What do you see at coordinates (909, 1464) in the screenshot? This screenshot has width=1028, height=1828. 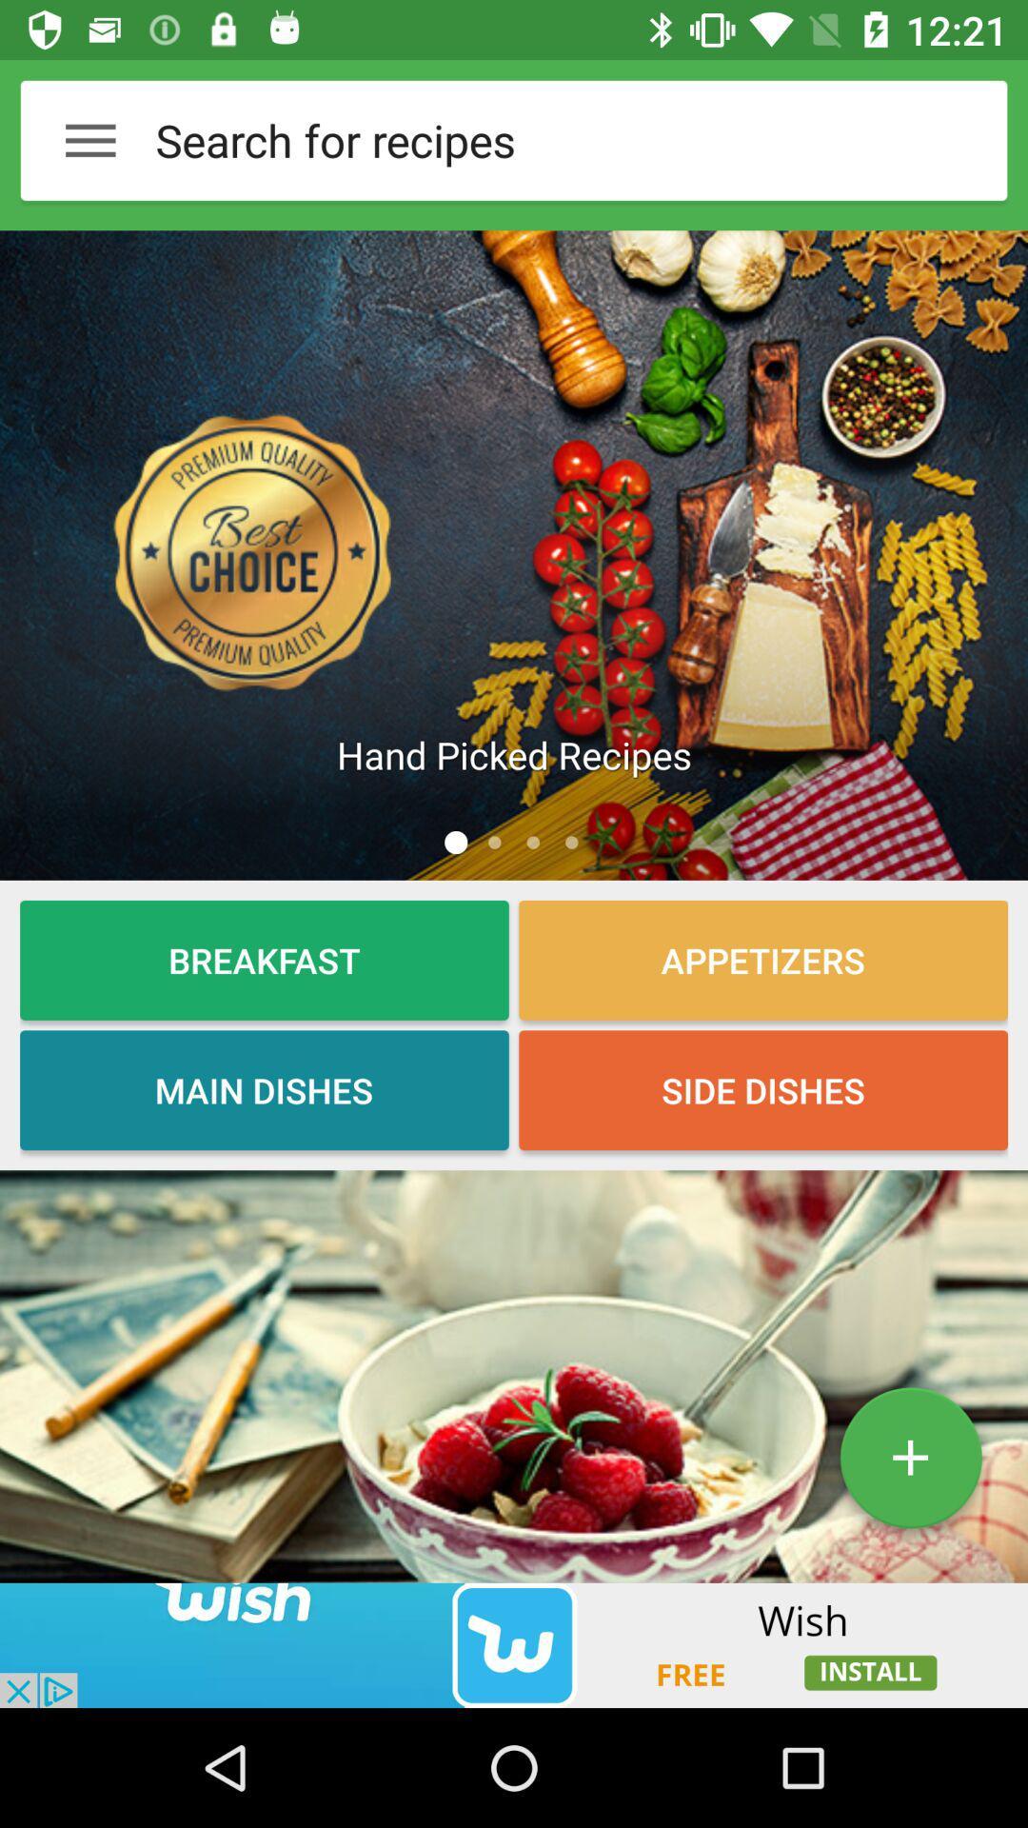 I see `the add icon` at bounding box center [909, 1464].